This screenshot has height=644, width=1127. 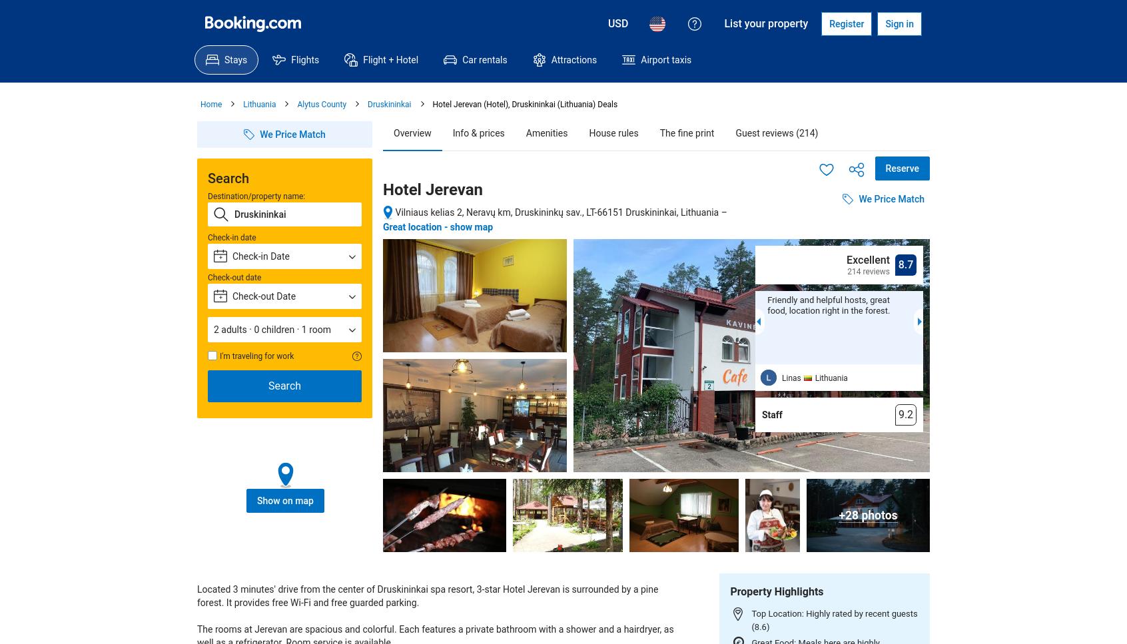 I want to click on 'Friendly and helpful hosts, great food, location right in the forest.', so click(x=828, y=304).